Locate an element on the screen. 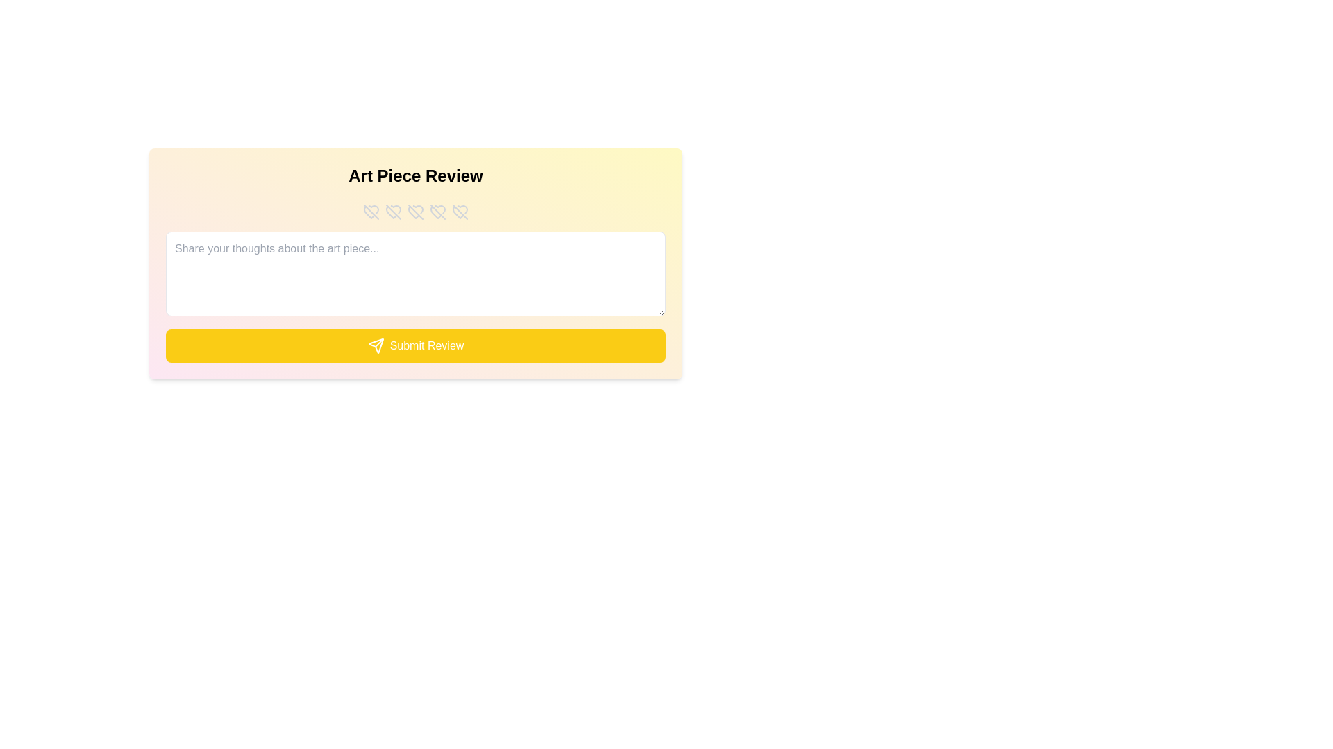 Image resolution: width=1333 pixels, height=749 pixels. the rating to 2 stars by clicking on the respective star button is located at coordinates (392, 212).